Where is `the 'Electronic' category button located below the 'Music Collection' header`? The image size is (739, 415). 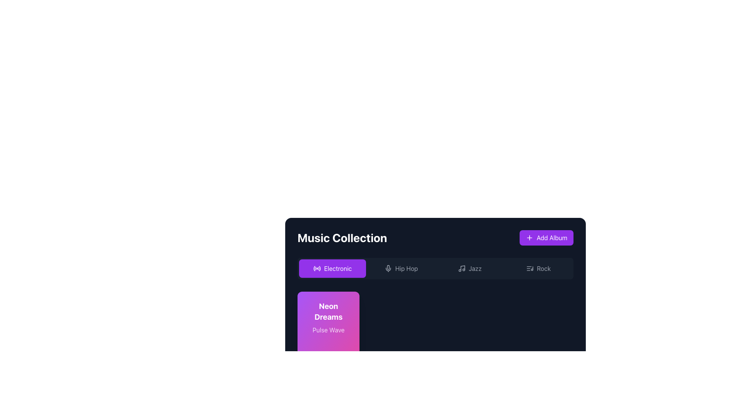
the 'Electronic' category button located below the 'Music Collection' header is located at coordinates (333, 268).